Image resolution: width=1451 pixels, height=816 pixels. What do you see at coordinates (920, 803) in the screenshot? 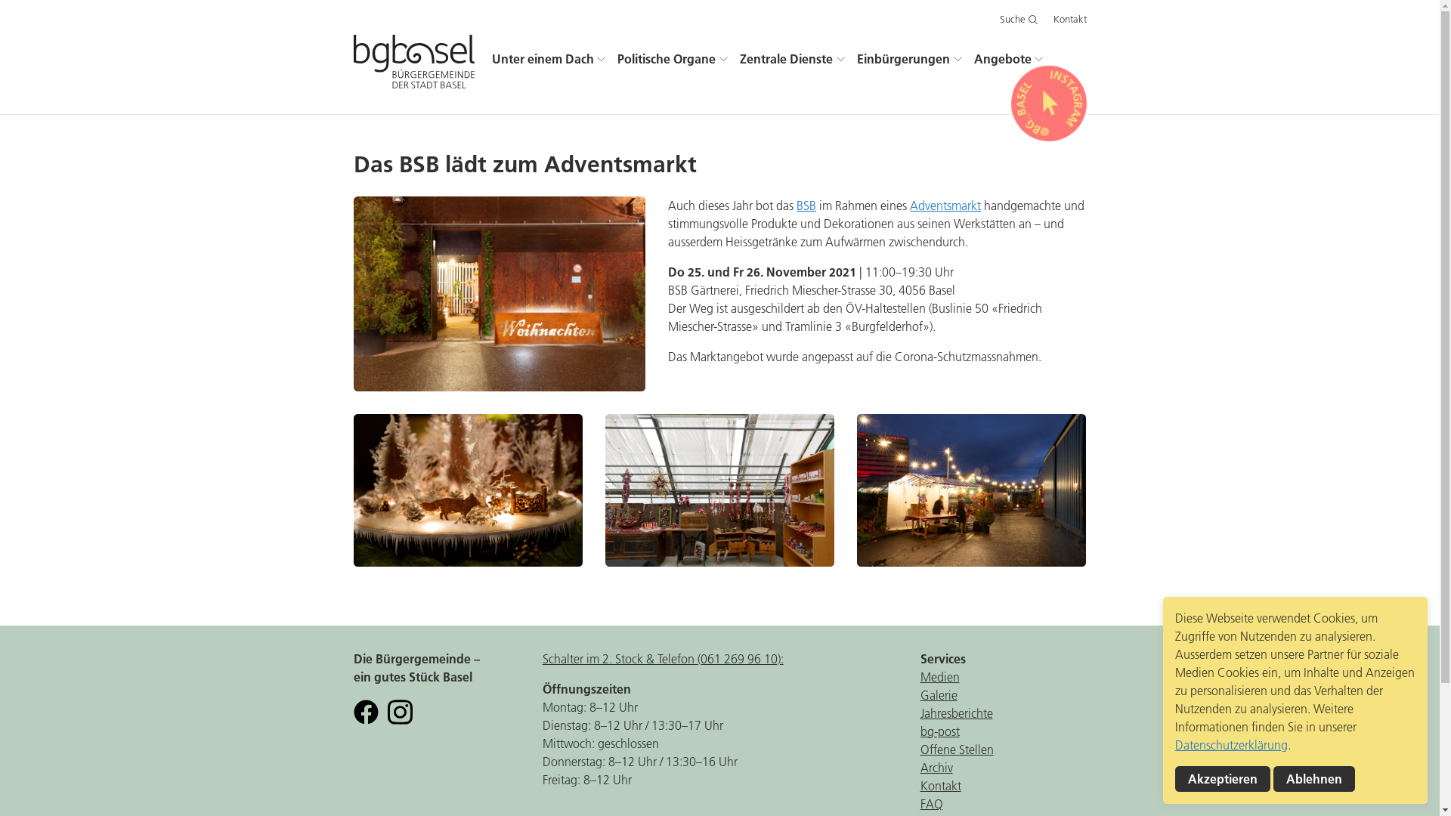
I see `'FAQ'` at bounding box center [920, 803].